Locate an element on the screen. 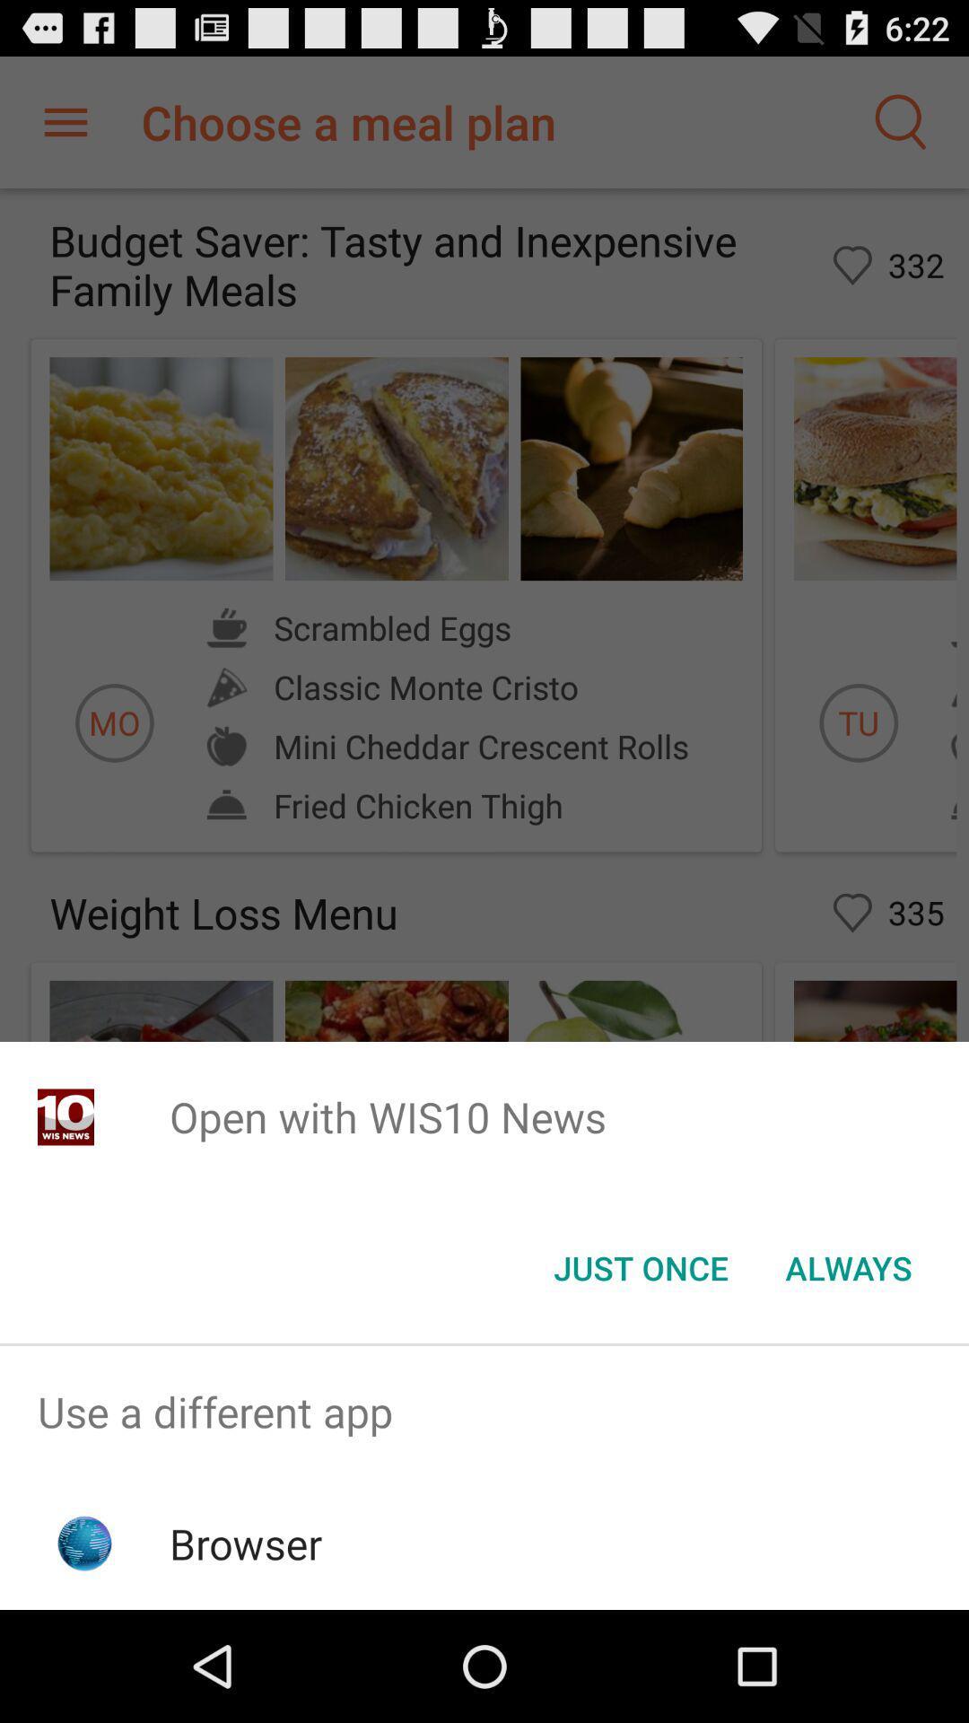 The height and width of the screenshot is (1723, 969). the icon below the open with wis10 app is located at coordinates (640, 1266).